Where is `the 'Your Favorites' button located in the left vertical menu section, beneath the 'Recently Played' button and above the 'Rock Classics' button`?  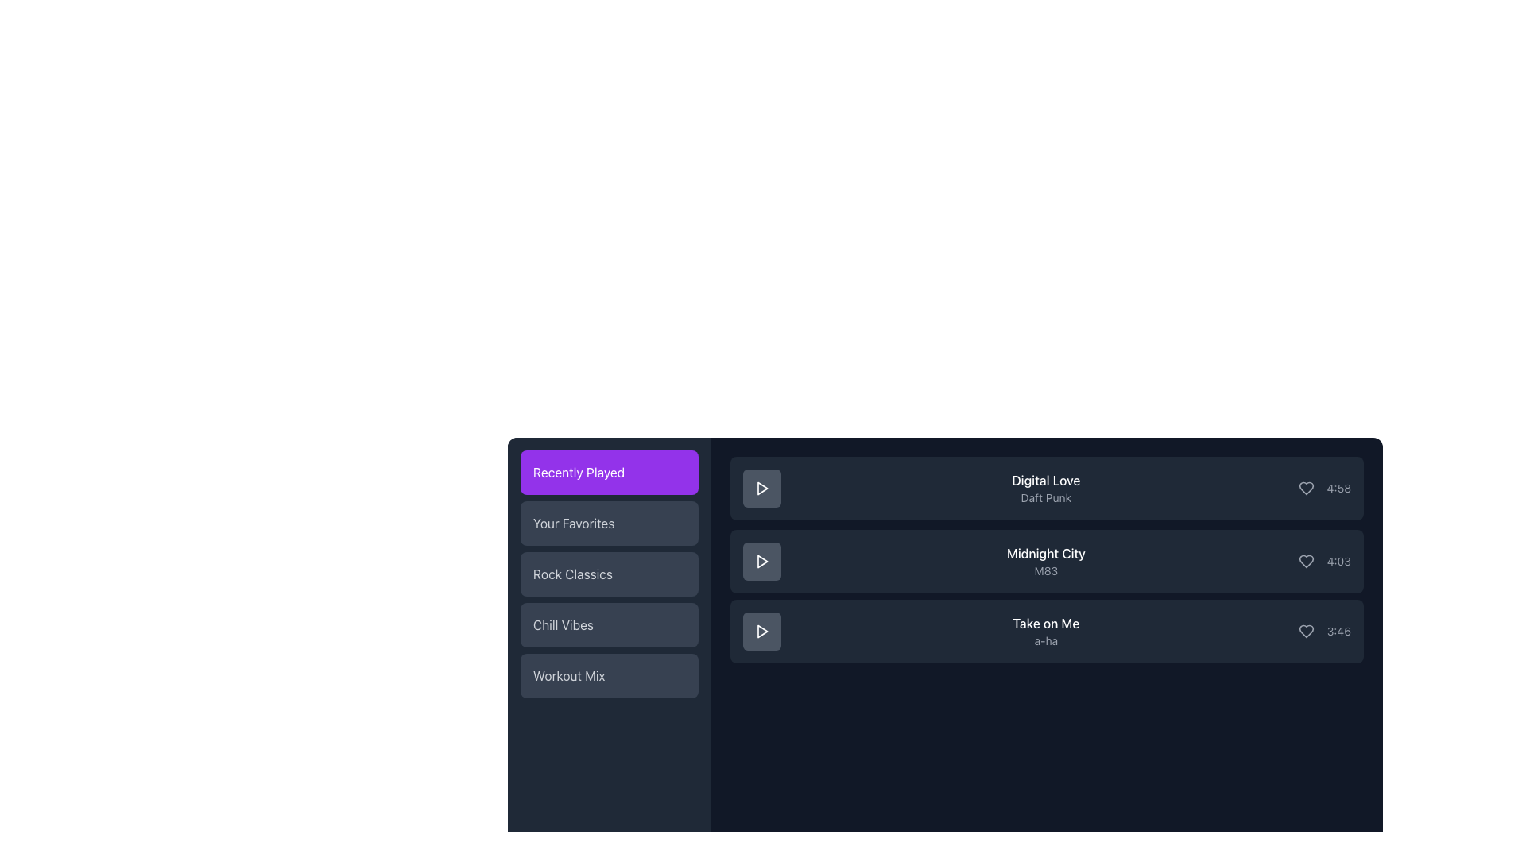
the 'Your Favorites' button located in the left vertical menu section, beneath the 'Recently Played' button and above the 'Rock Classics' button is located at coordinates (609, 524).